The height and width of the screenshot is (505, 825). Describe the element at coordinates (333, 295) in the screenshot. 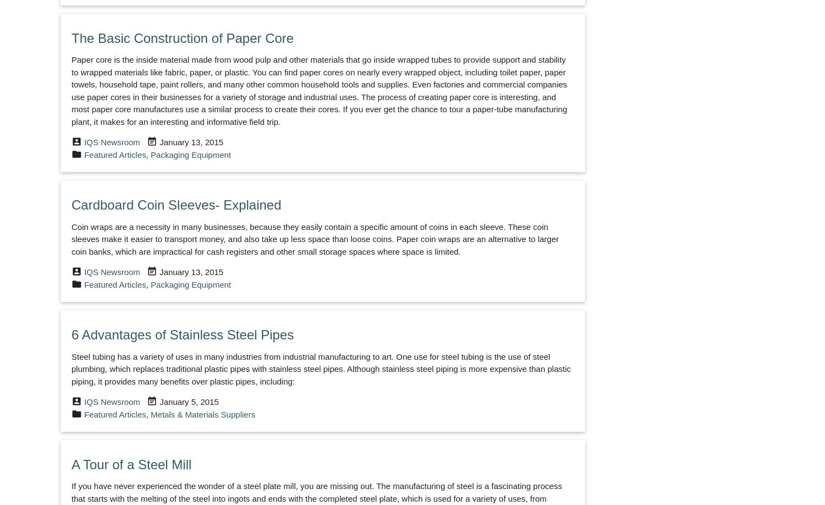

I see `'18'` at that location.